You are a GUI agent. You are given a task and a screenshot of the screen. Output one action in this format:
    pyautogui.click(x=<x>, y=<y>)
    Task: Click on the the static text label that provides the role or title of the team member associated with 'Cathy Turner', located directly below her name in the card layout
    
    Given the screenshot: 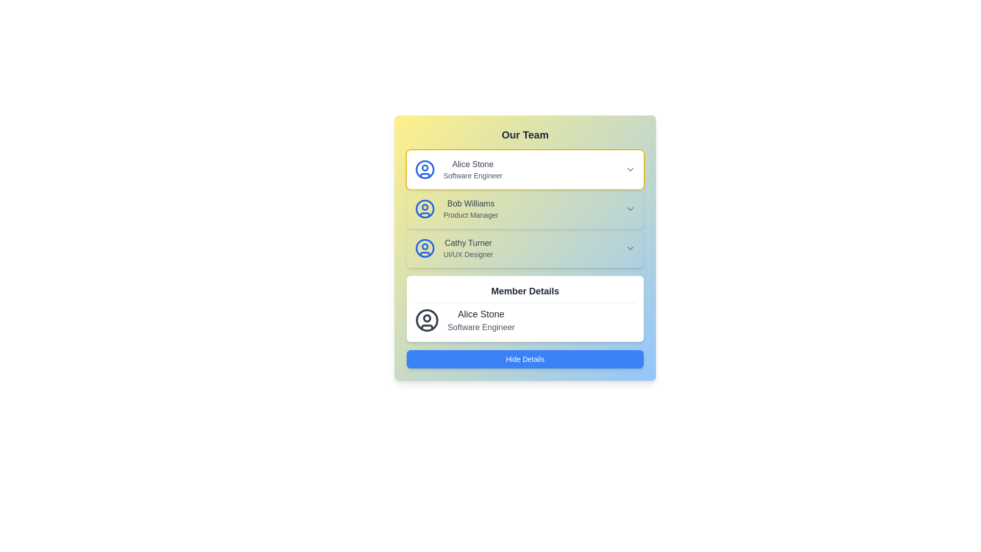 What is the action you would take?
    pyautogui.click(x=468, y=254)
    